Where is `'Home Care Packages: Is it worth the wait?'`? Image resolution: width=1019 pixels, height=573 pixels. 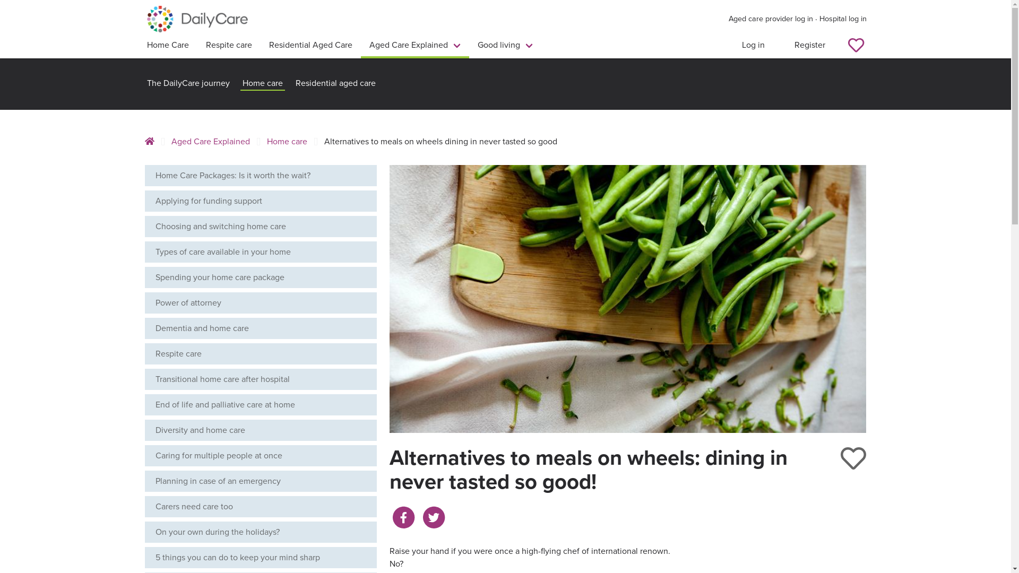
'Home Care Packages: Is it worth the wait?' is located at coordinates (260, 175).